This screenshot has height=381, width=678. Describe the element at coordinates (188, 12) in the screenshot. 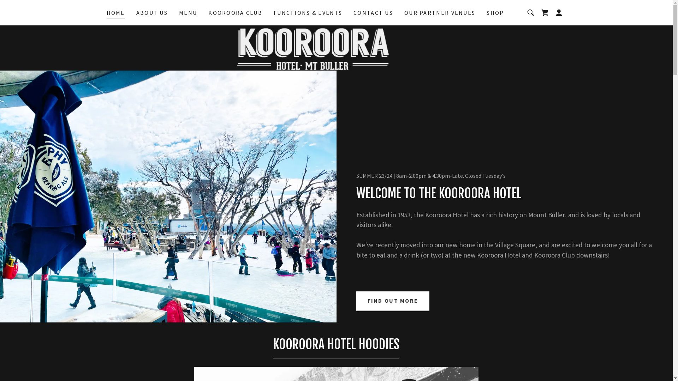

I see `'MENU'` at that location.